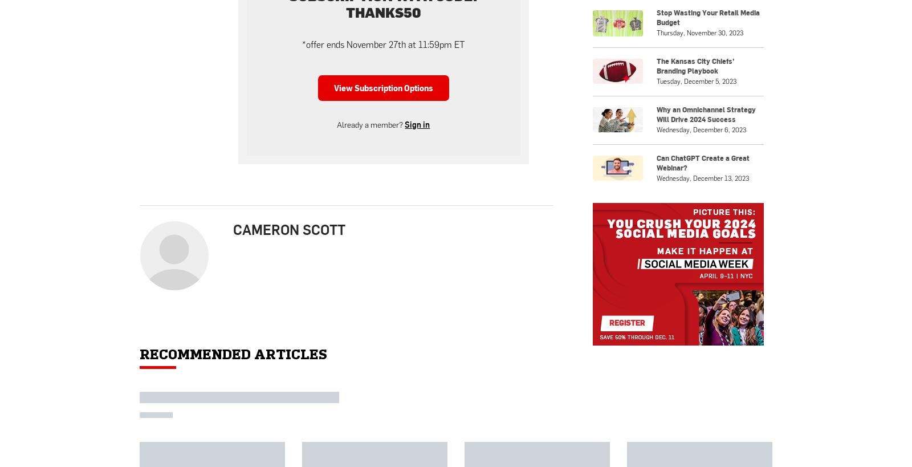 Image resolution: width=912 pixels, height=467 pixels. What do you see at coordinates (336, 124) in the screenshot?
I see `'Already a member?'` at bounding box center [336, 124].